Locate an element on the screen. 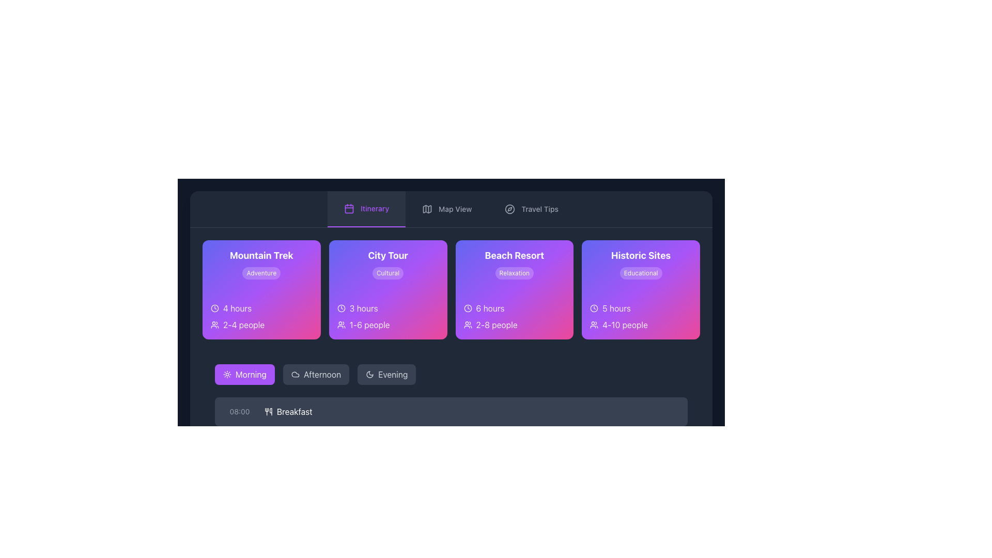 This screenshot has height=558, width=992. the 'Mountain Trek' card with a gradient background from its current position is located at coordinates (261, 289).